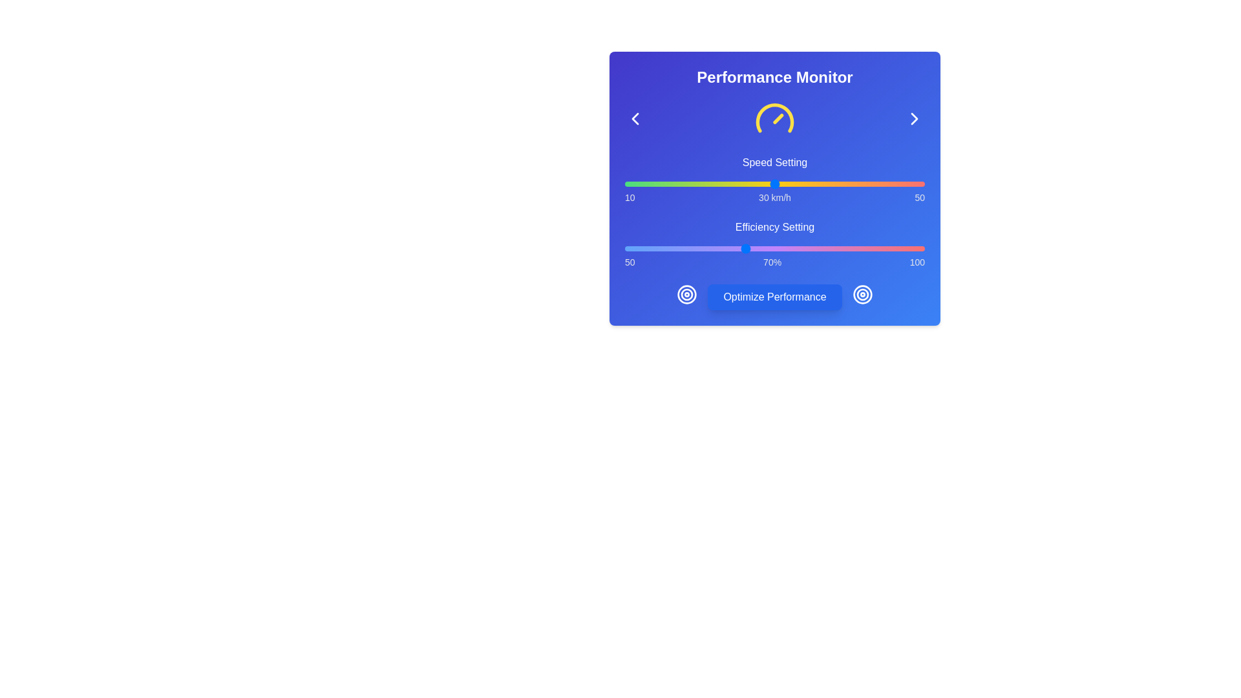  What do you see at coordinates (655, 184) in the screenshot?
I see `the speed setting to 14 km/h by interacting with the slider` at bounding box center [655, 184].